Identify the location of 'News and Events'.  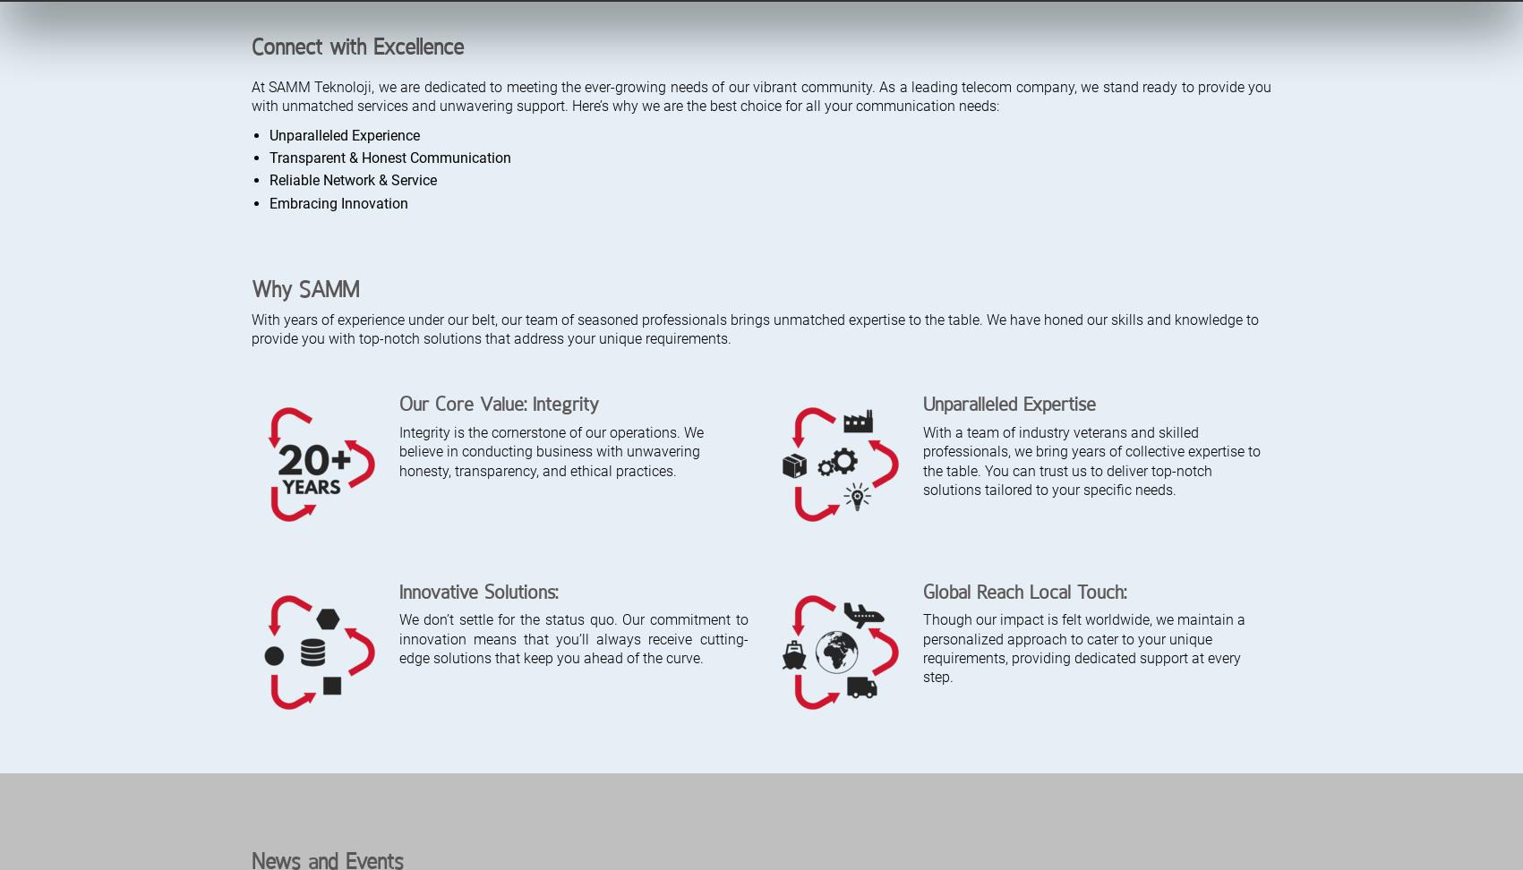
(326, 40).